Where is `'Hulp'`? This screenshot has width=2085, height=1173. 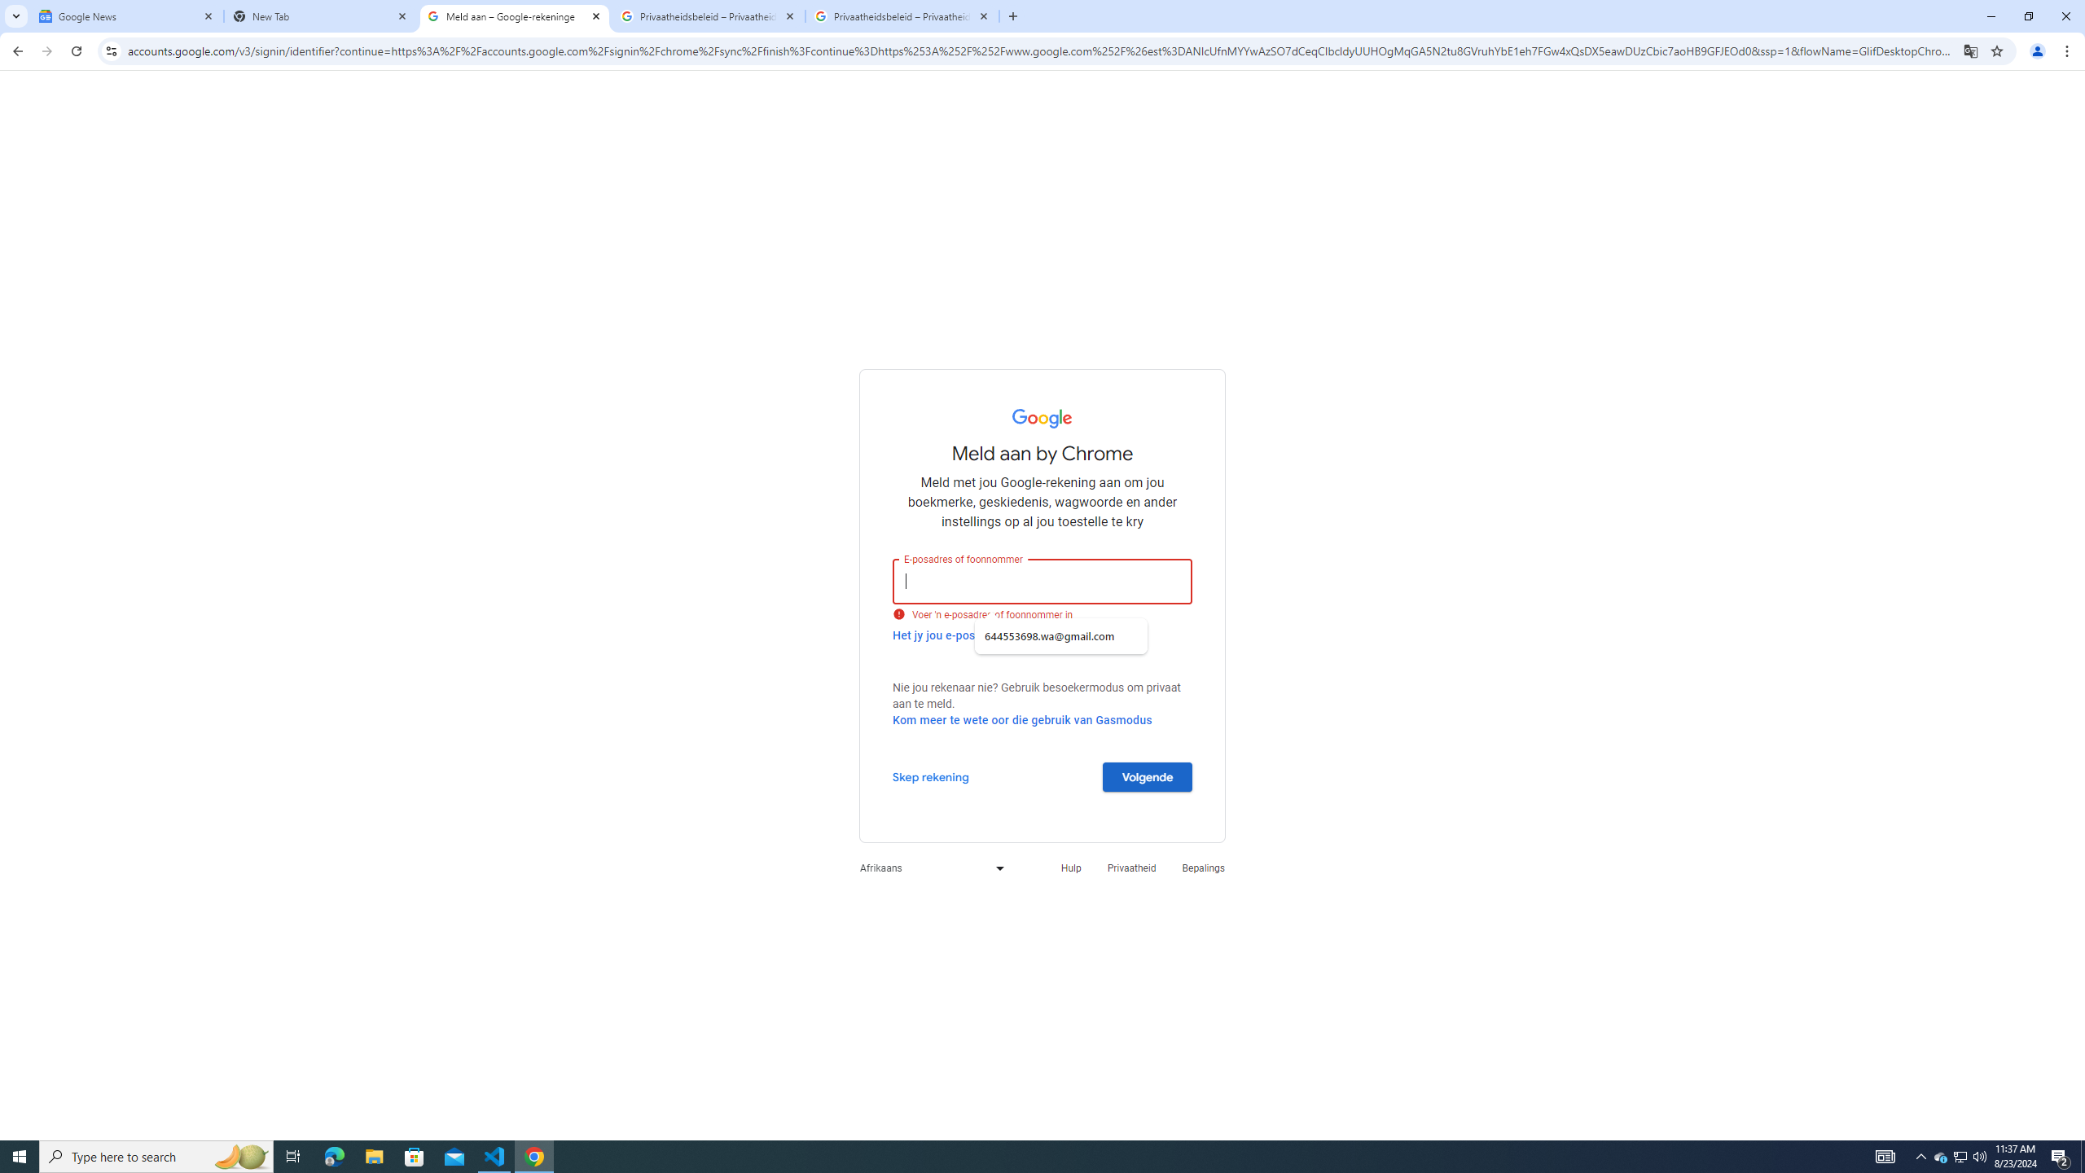 'Hulp' is located at coordinates (1069, 867).